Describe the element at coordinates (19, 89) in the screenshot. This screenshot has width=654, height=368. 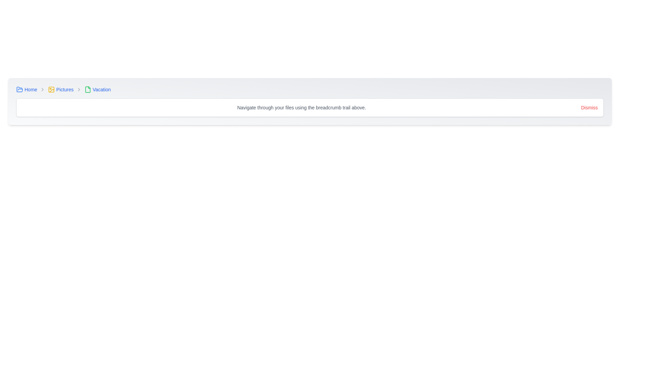
I see `the folder icon in the breadcrumb navigation, which is the second icon following the red house icon` at that location.